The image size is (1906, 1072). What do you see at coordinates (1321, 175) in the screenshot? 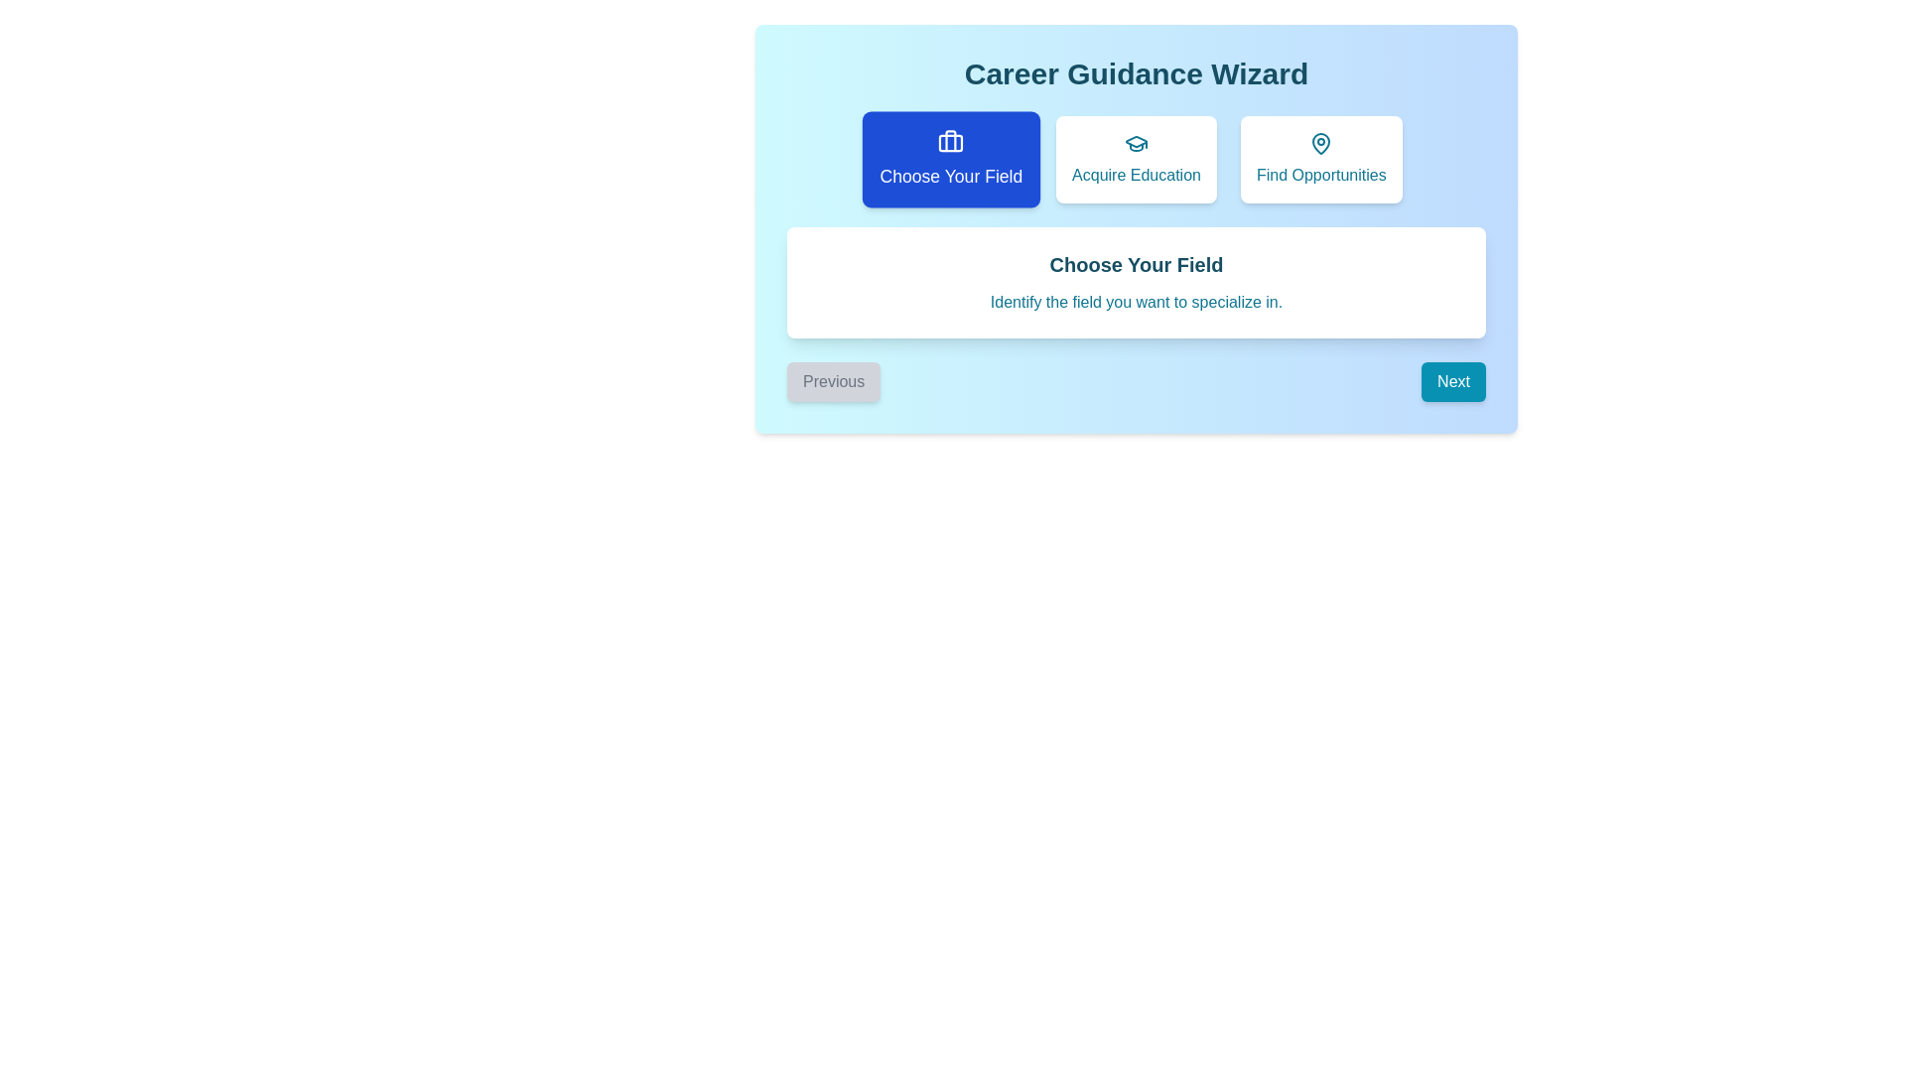
I see `the 'Find Opportunities' text label element, which is styled in medium-weight font and is part of a group of options within a card-like element` at bounding box center [1321, 175].